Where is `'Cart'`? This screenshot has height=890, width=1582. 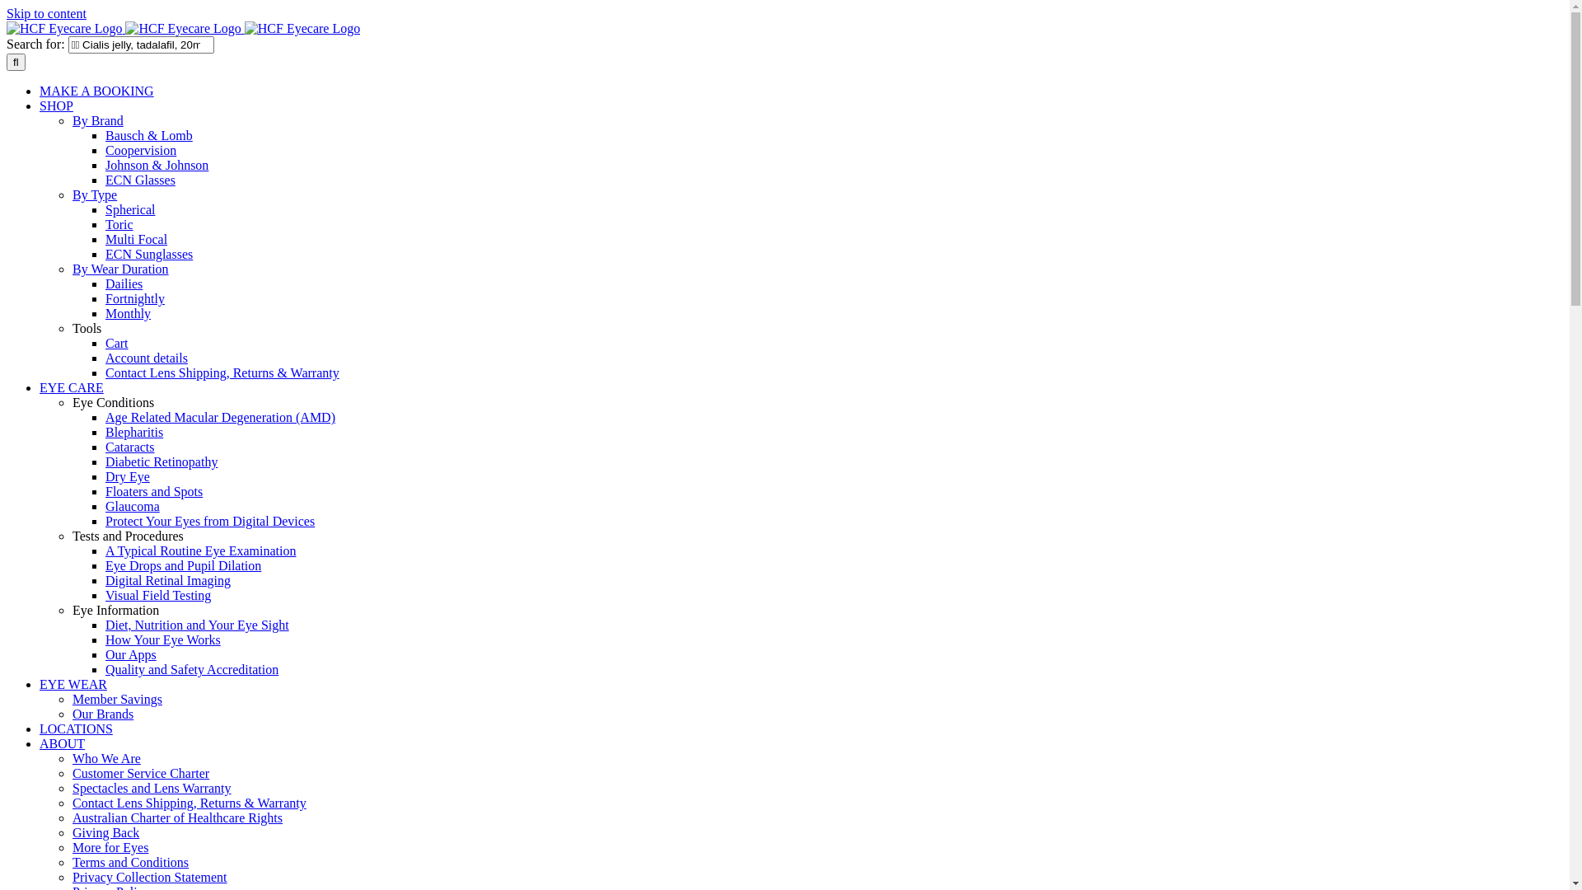 'Cart' is located at coordinates (116, 342).